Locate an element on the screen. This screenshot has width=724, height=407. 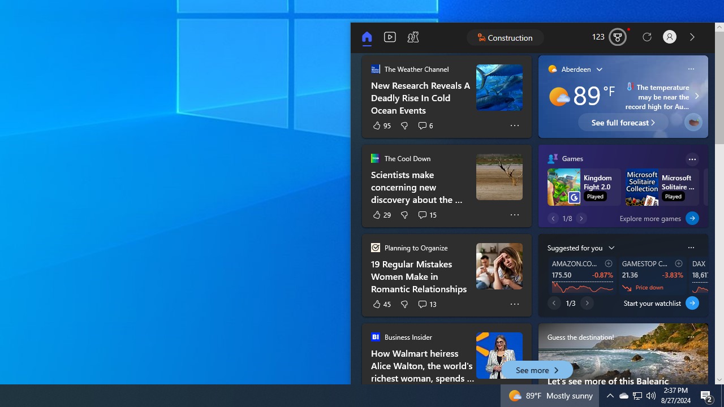
'Weather Location List' is located at coordinates (598, 68).